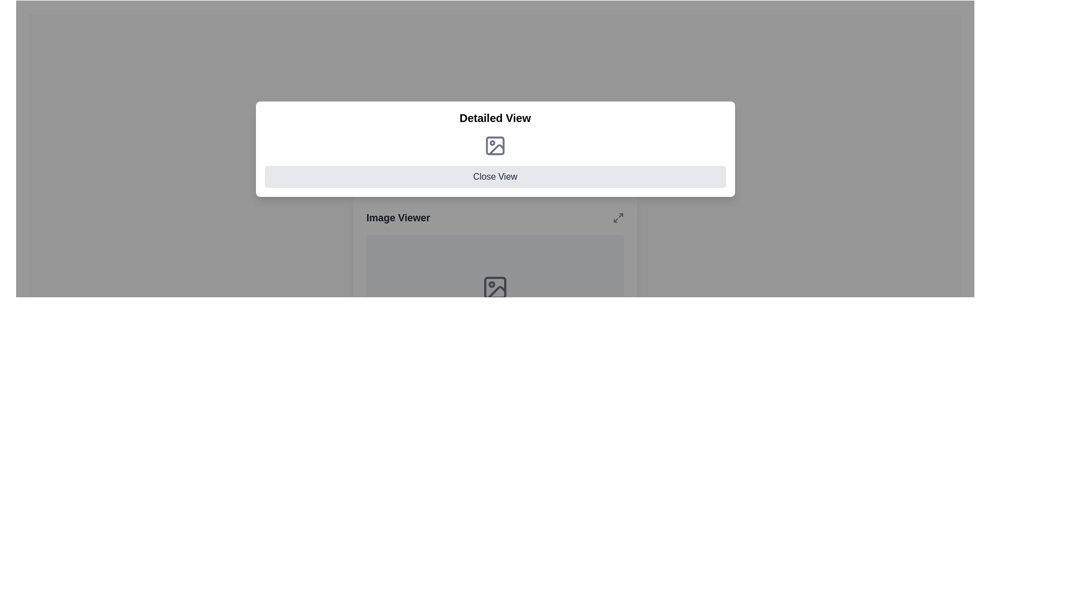 The height and width of the screenshot is (599, 1066). Describe the element at coordinates (495, 175) in the screenshot. I see `the close button located at the bottom of the detailed view interface` at that location.